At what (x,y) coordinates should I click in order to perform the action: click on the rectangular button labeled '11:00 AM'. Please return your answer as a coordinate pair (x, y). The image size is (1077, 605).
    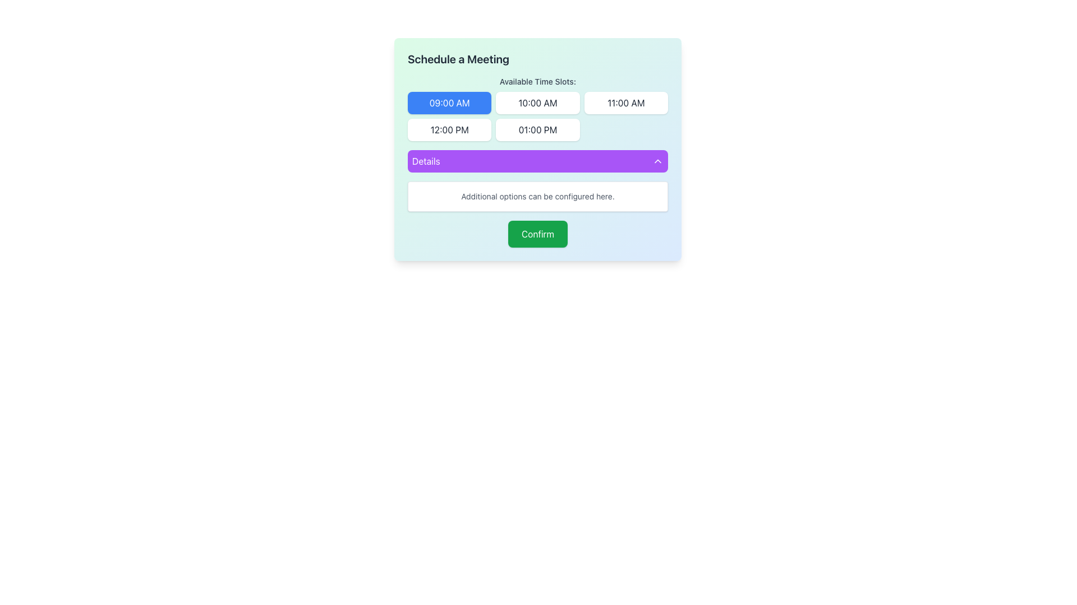
    Looking at the image, I should click on (625, 103).